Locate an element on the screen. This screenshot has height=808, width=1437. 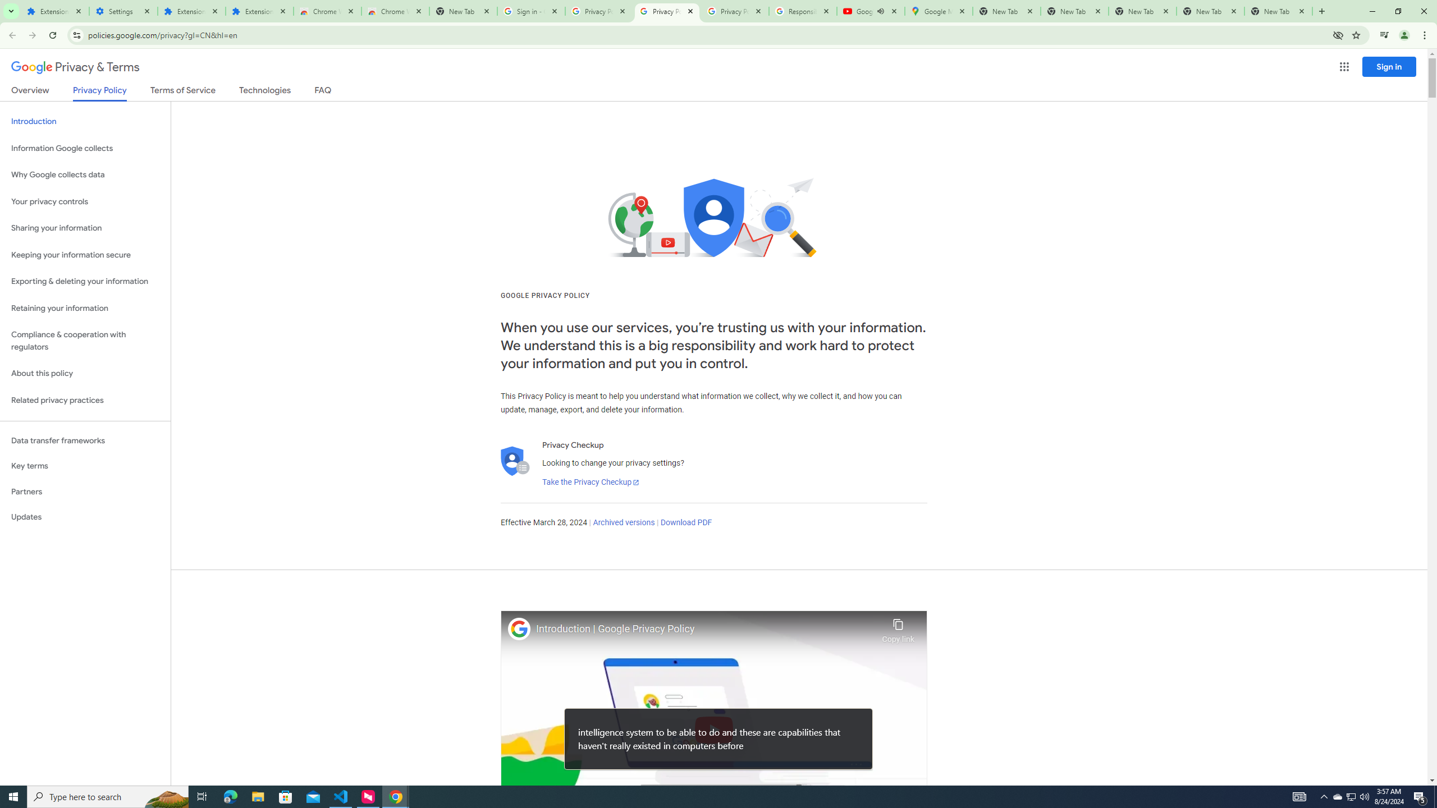
'FAQ' is located at coordinates (323, 92).